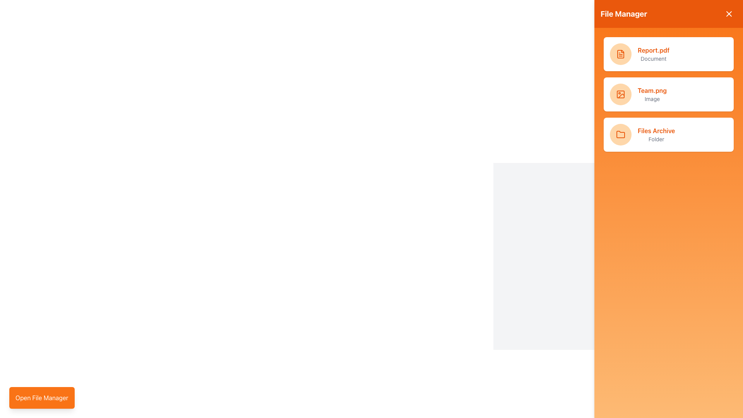 This screenshot has width=743, height=418. I want to click on the text label displaying the file name and type in the orange-themed 'File Manager' panel, so click(653, 53).